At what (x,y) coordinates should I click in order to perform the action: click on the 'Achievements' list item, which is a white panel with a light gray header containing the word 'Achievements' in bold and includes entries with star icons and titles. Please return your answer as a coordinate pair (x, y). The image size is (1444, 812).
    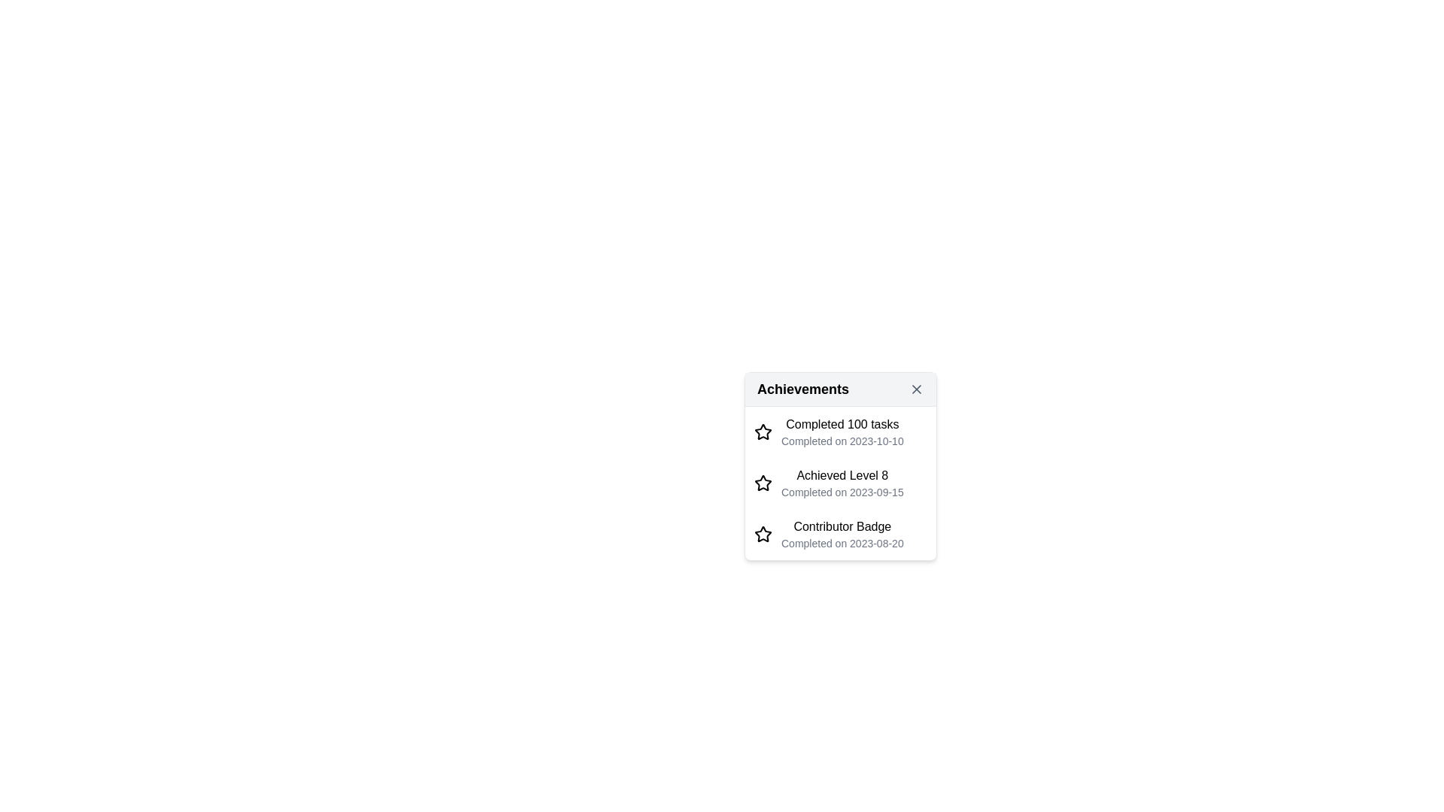
    Looking at the image, I should click on (840, 465).